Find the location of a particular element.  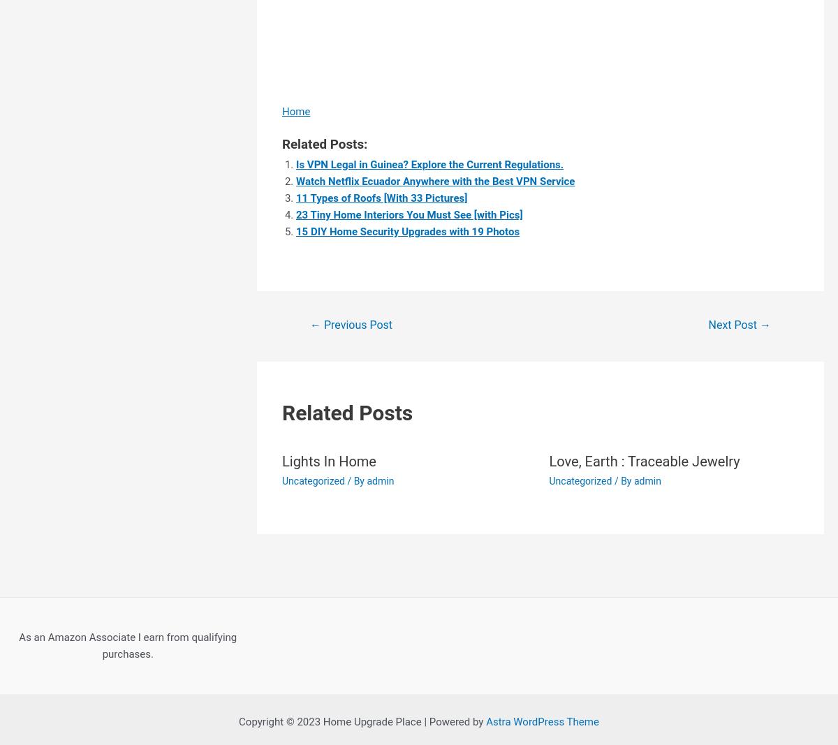

'Love, Earth : Traceable Jewelry' is located at coordinates (548, 461).